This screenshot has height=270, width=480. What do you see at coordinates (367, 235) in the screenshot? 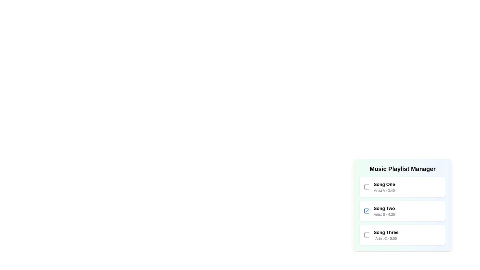
I see `the toggle checkbox for 'Song Three'` at bounding box center [367, 235].